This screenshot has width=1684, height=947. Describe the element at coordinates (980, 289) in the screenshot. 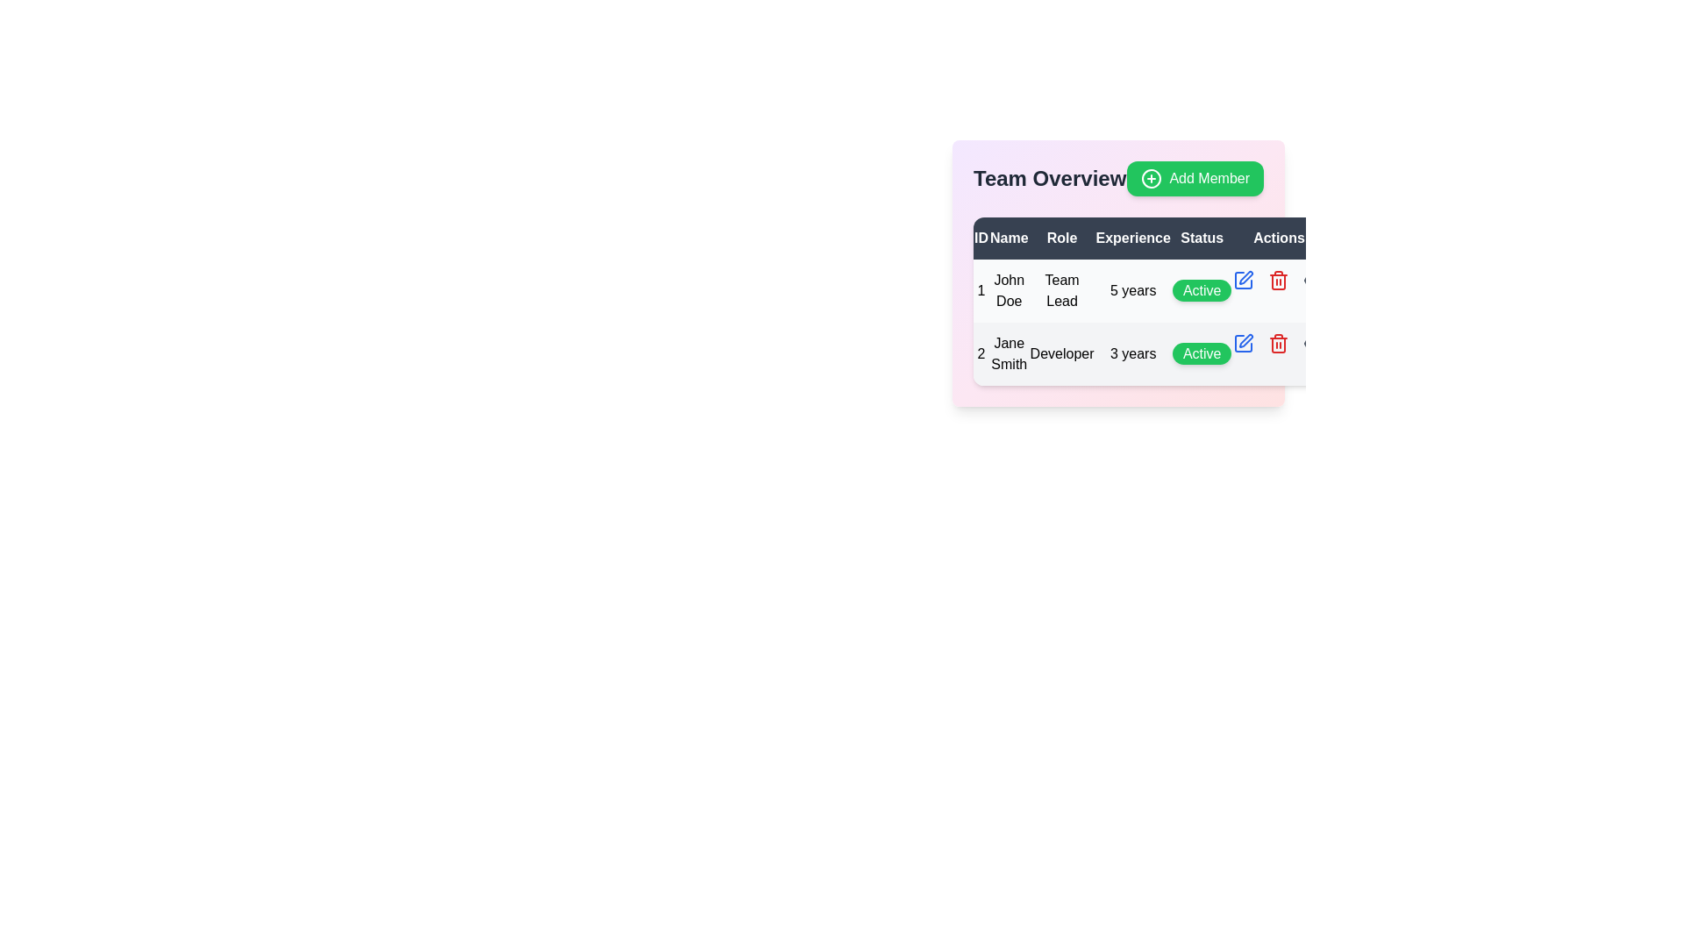

I see `the numeric text '1' in the 'ID' column of the table corresponding to 'John Doe', which is styled with a compact font` at that location.